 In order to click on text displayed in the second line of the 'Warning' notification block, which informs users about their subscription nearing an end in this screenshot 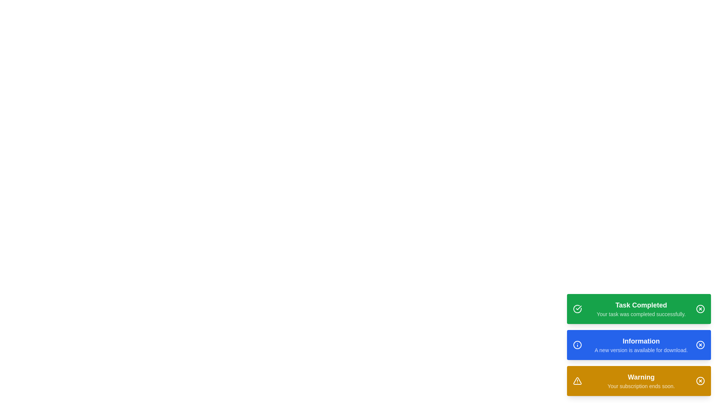, I will do `click(640, 386)`.